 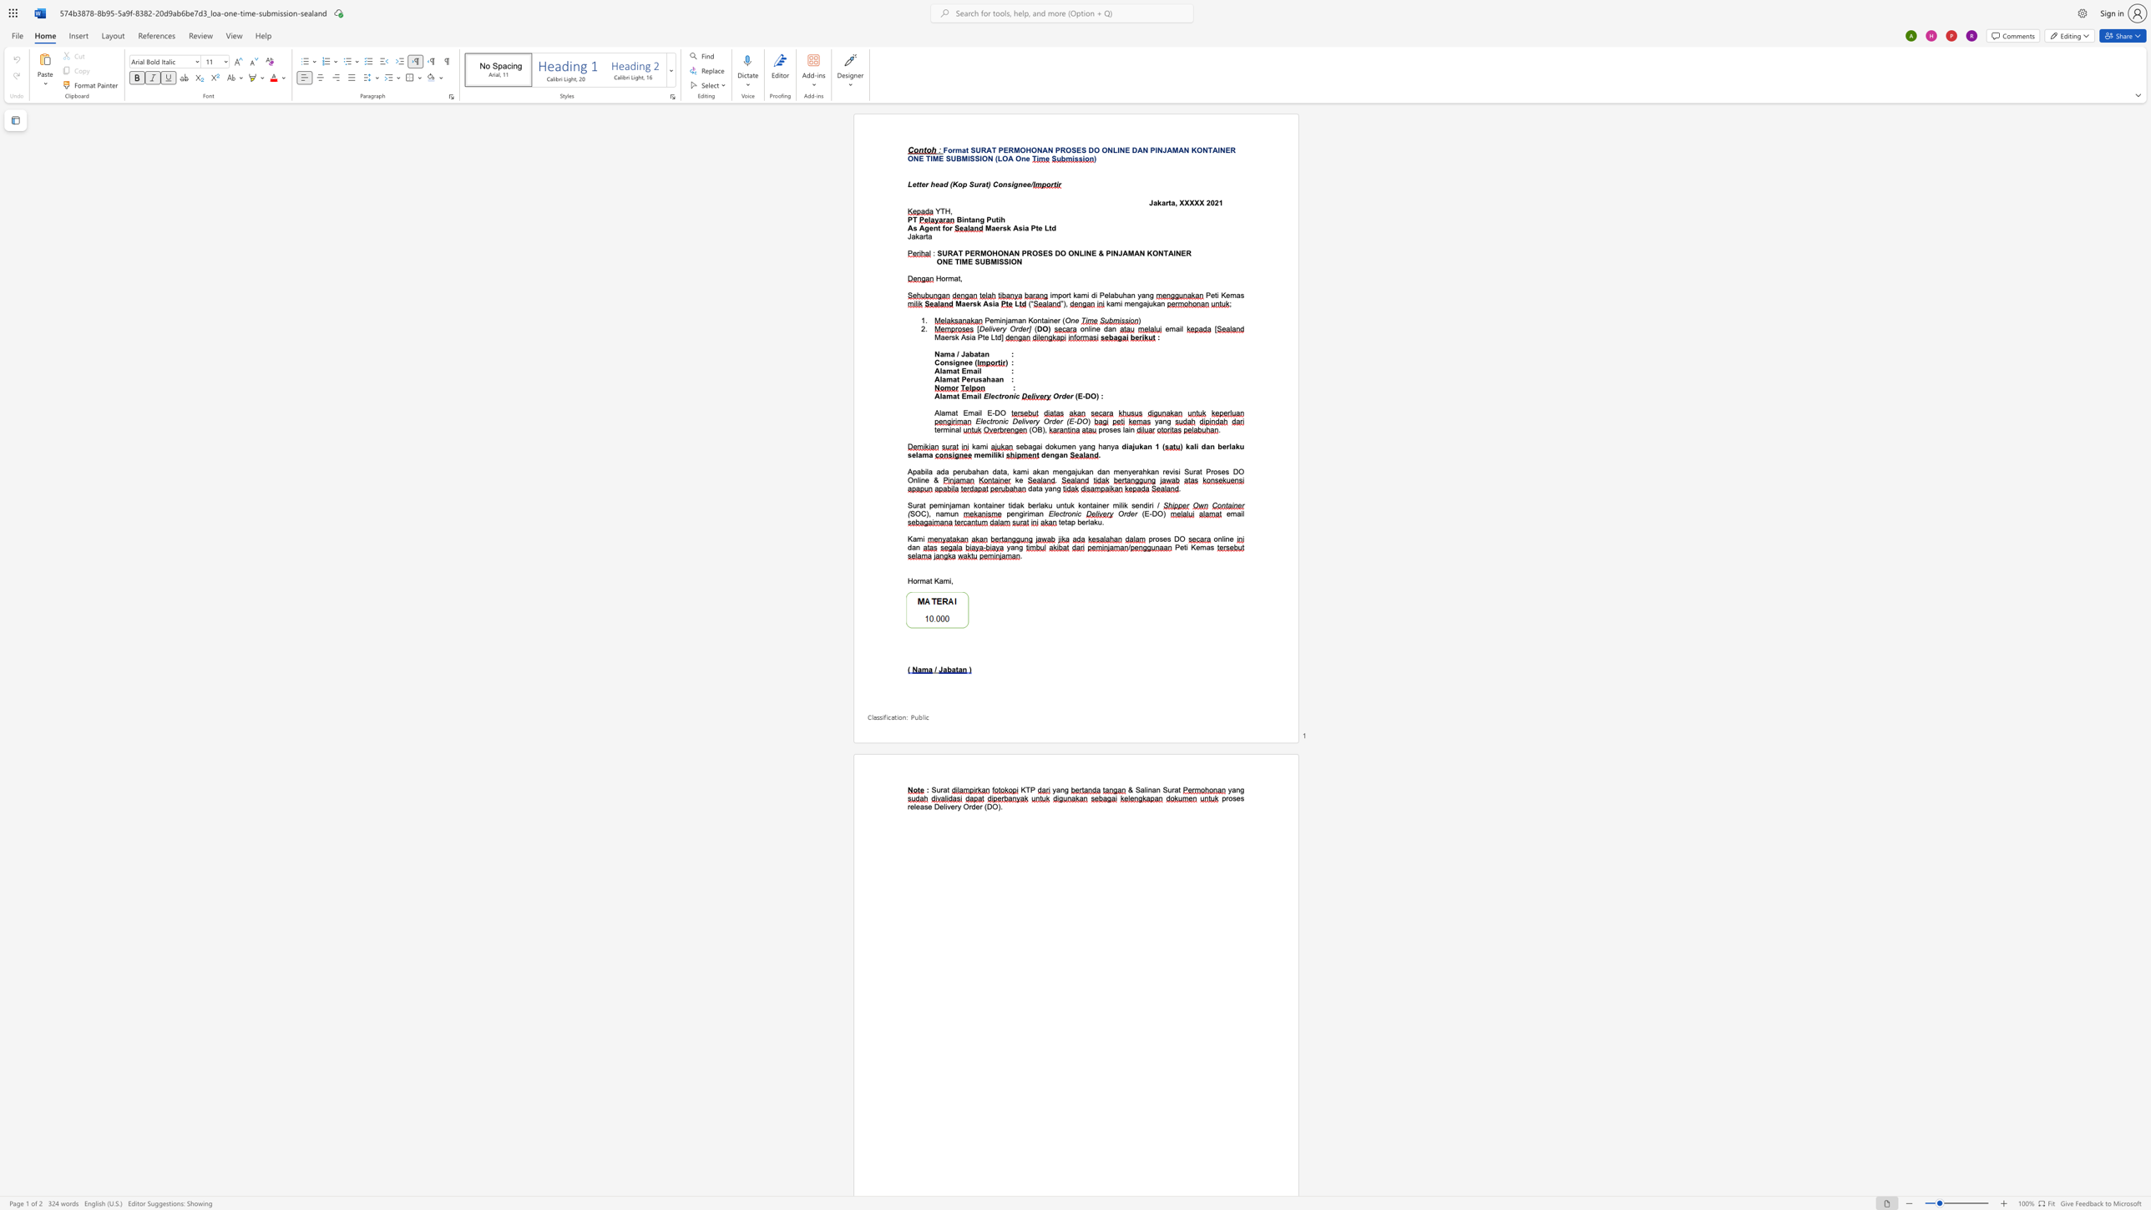 I want to click on the subset text "lectronic" within the text "Electronic", so click(x=988, y=396).